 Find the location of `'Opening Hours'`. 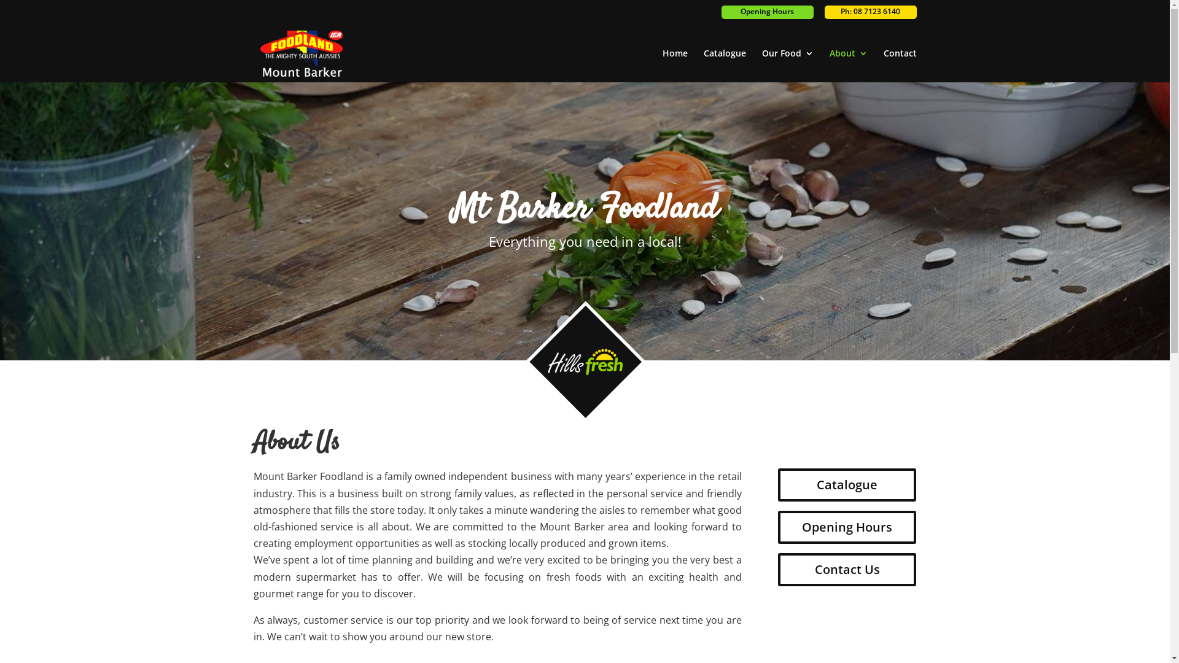

'Opening Hours' is located at coordinates (766, 12).